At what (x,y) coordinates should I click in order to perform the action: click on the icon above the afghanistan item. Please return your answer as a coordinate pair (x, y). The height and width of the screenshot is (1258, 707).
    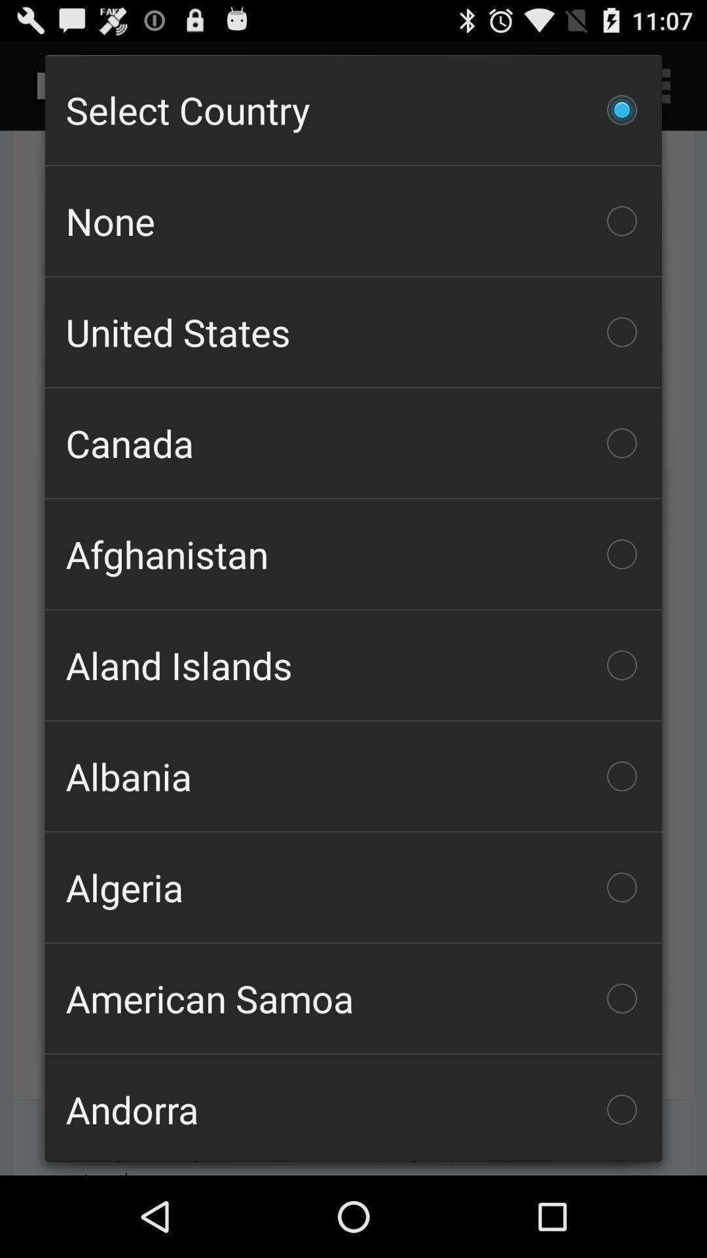
    Looking at the image, I should click on (353, 443).